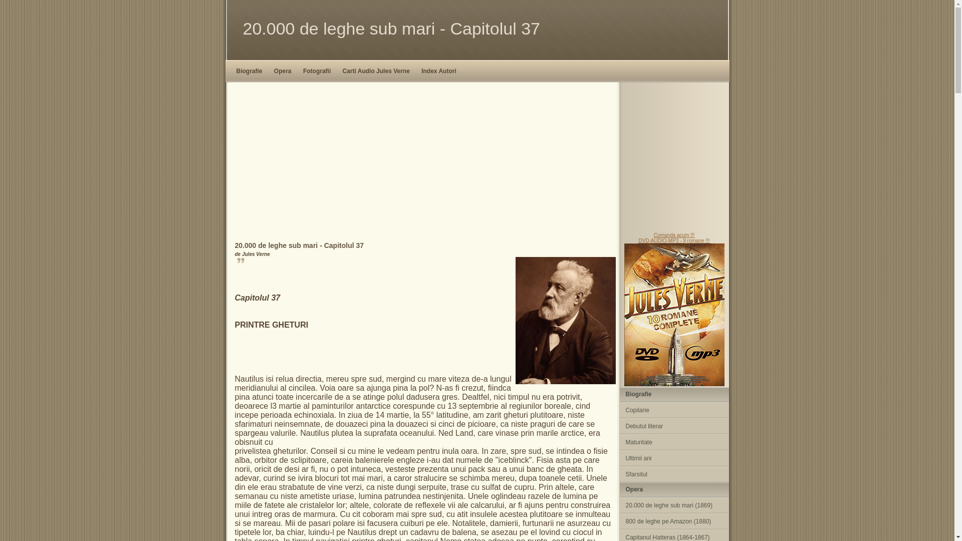 This screenshot has height=541, width=962. I want to click on 'Ultimii ani', so click(619, 458).